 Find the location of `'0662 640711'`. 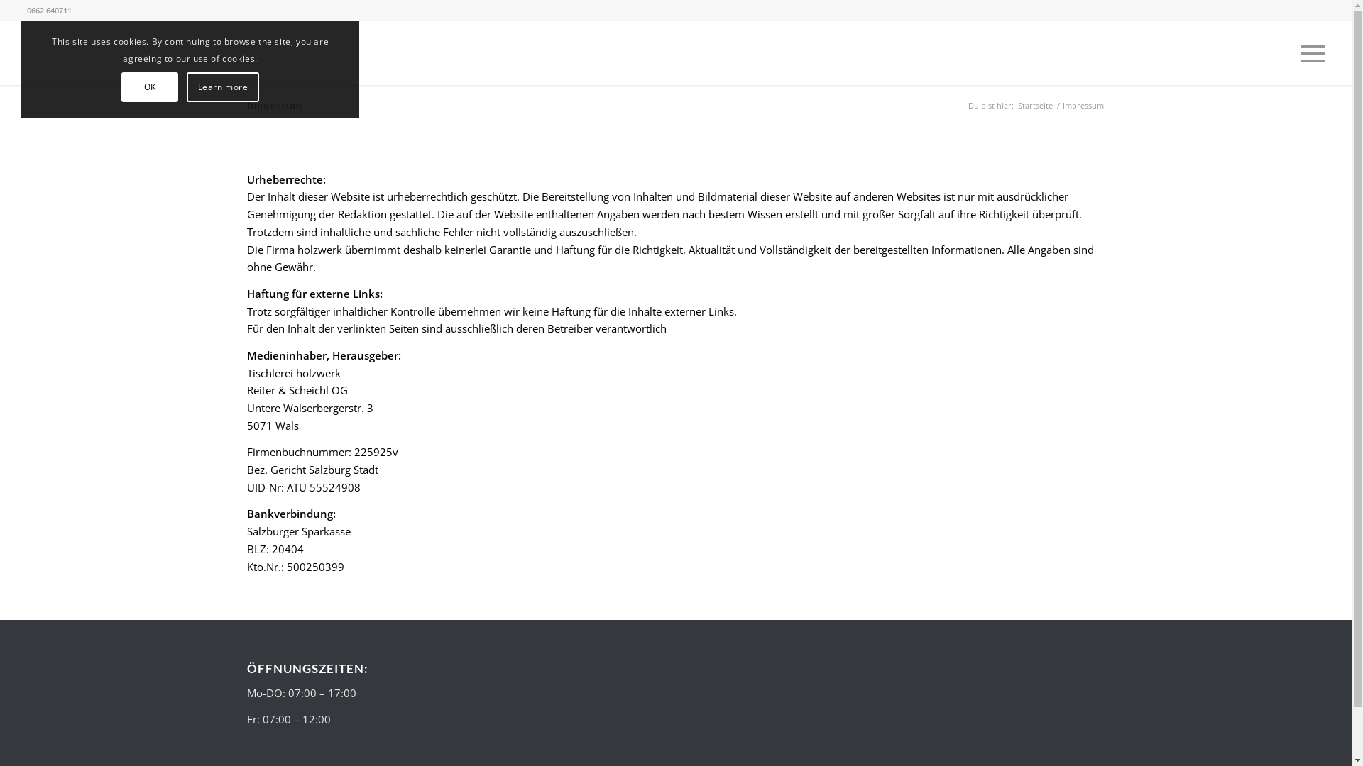

'0662 640711' is located at coordinates (27, 10).